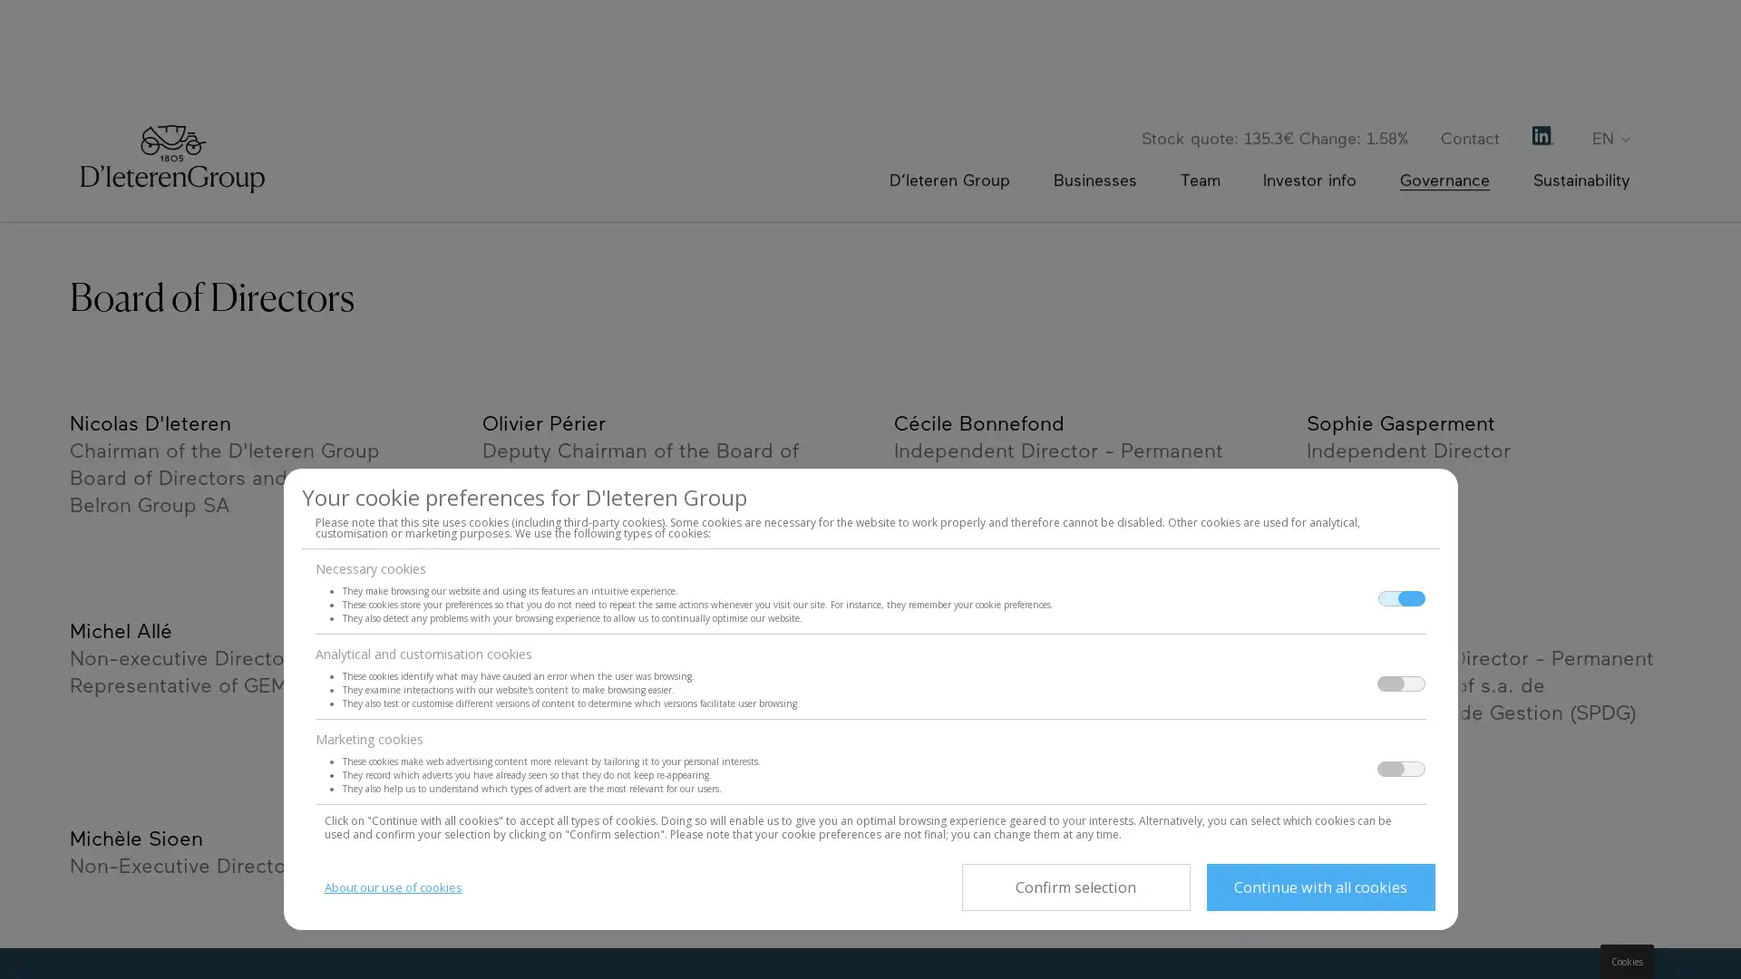 This screenshot has width=1741, height=979. What do you see at coordinates (1319, 887) in the screenshot?
I see `Close Consent Modal` at bounding box center [1319, 887].